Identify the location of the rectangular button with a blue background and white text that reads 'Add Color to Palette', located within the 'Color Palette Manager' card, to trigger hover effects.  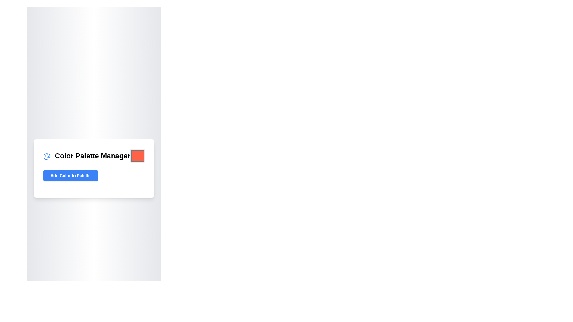
(70, 175).